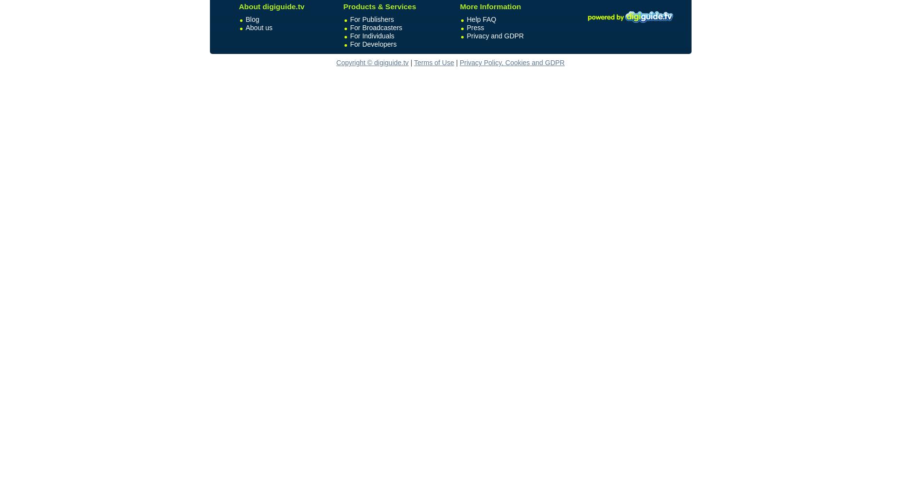  Describe the element at coordinates (371, 35) in the screenshot. I see `'For Individuals'` at that location.